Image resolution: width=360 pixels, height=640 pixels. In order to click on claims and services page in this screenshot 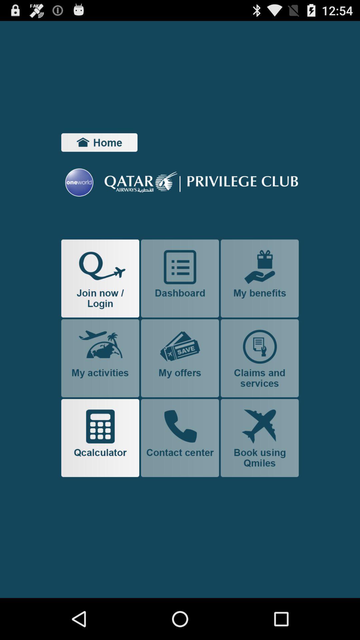, I will do `click(259, 358)`.